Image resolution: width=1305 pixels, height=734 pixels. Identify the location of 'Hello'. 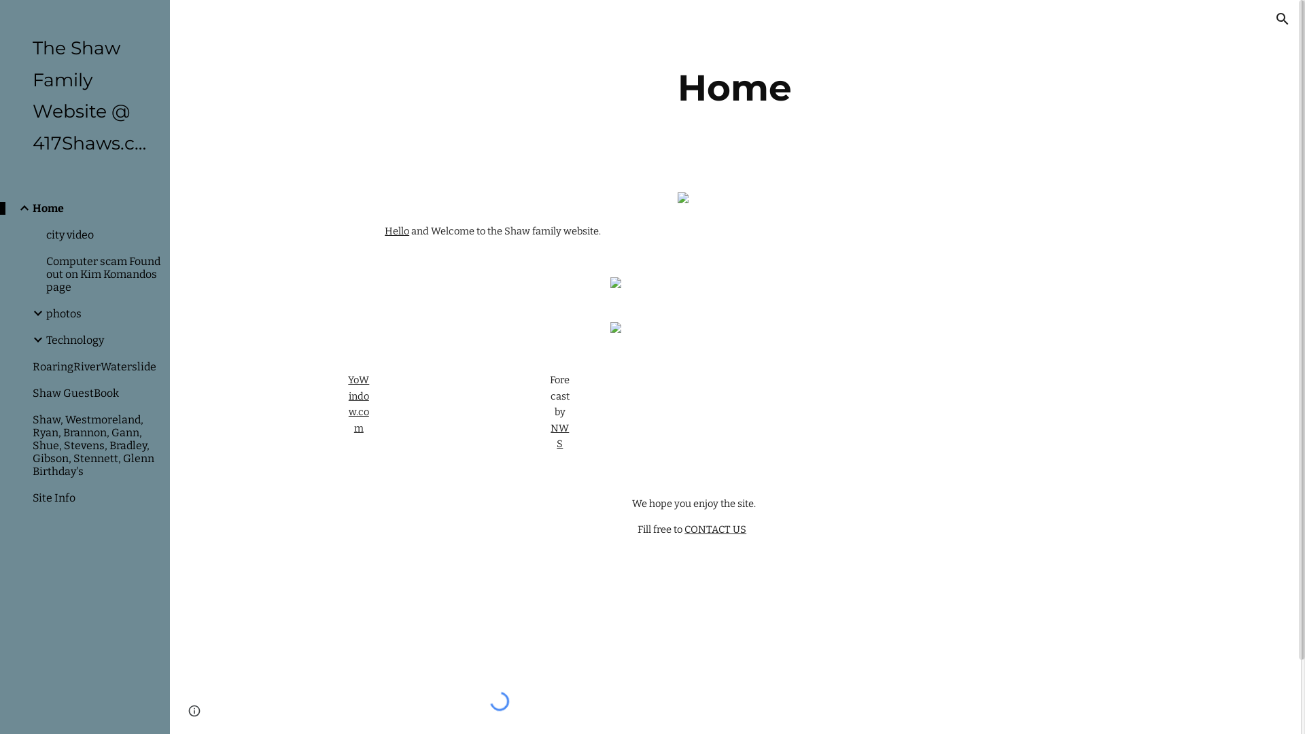
(384, 230).